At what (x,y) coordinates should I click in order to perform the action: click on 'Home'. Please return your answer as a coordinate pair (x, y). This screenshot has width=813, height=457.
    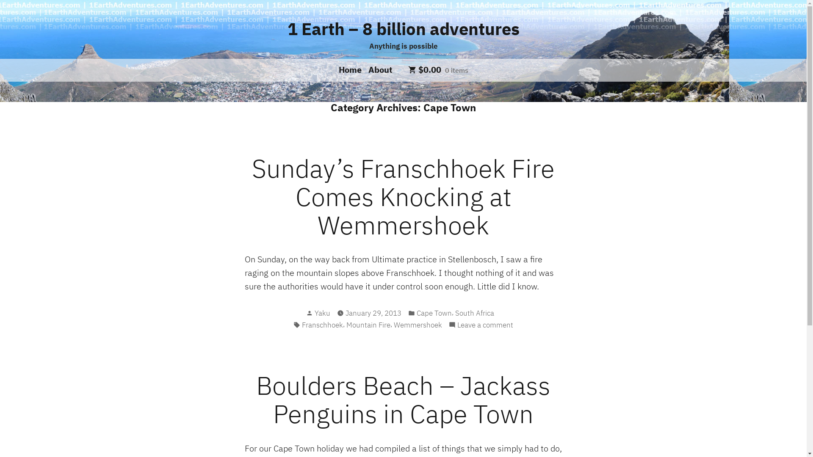
    Looking at the image, I should click on (351, 69).